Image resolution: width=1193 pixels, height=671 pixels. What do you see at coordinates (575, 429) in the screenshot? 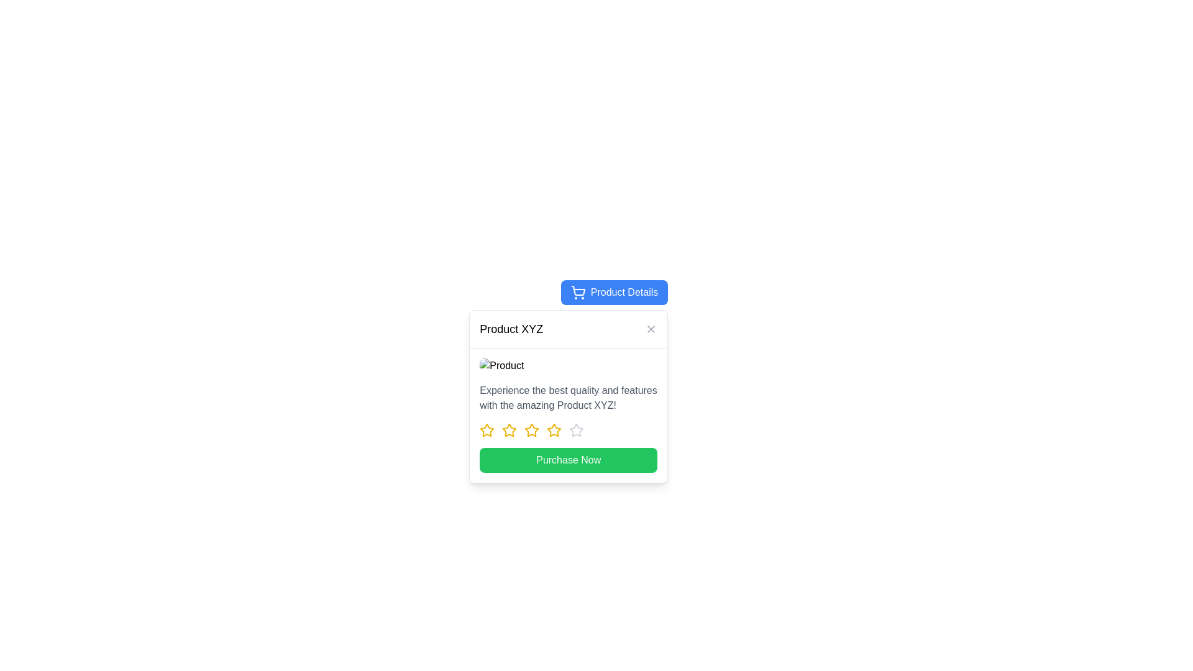
I see `the fourth star icon in the rating section of the card for 'Product XYZ' to rate it` at bounding box center [575, 429].